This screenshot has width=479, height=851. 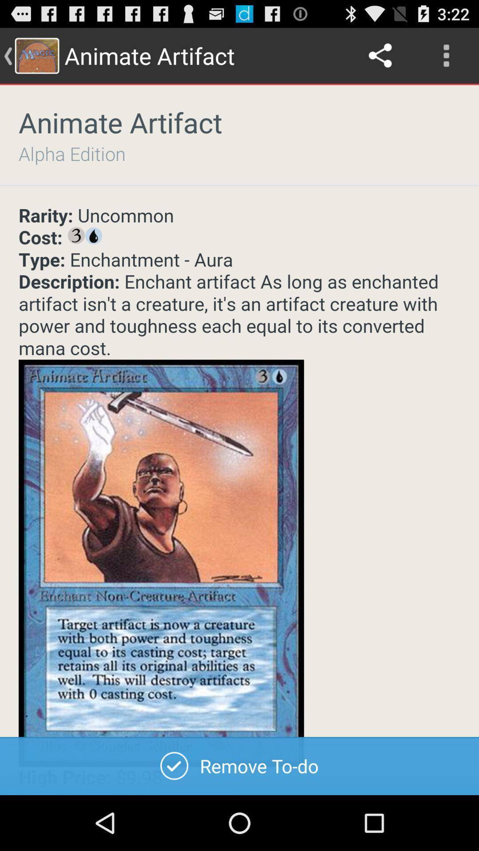 What do you see at coordinates (381, 55) in the screenshot?
I see `icon next to the animate artifact item` at bounding box center [381, 55].